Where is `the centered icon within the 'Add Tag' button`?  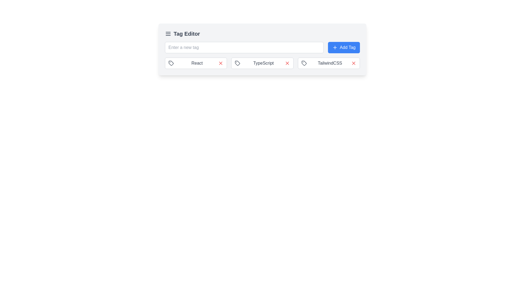
the centered icon within the 'Add Tag' button is located at coordinates (334, 47).